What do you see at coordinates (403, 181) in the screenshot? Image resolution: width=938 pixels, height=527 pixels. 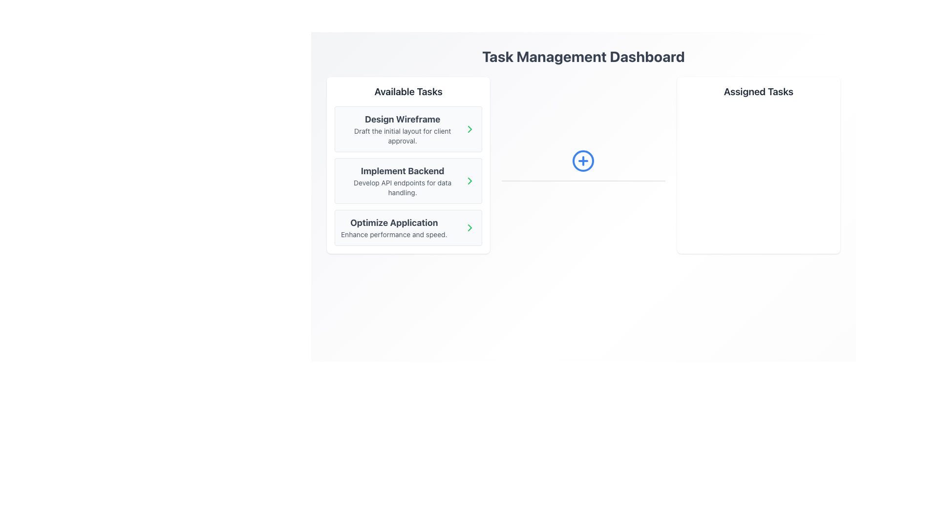 I see `the Task Item located between 'Design Wireframe' and 'Optimize Application' in the 'Available Tasks' section` at bounding box center [403, 181].